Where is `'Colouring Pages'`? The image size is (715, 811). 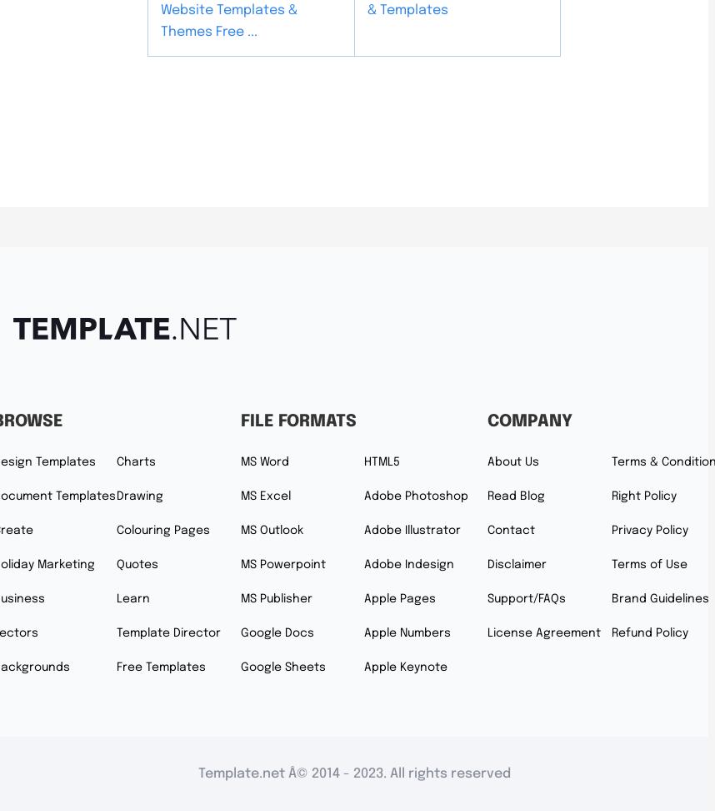 'Colouring Pages' is located at coordinates (162, 530).